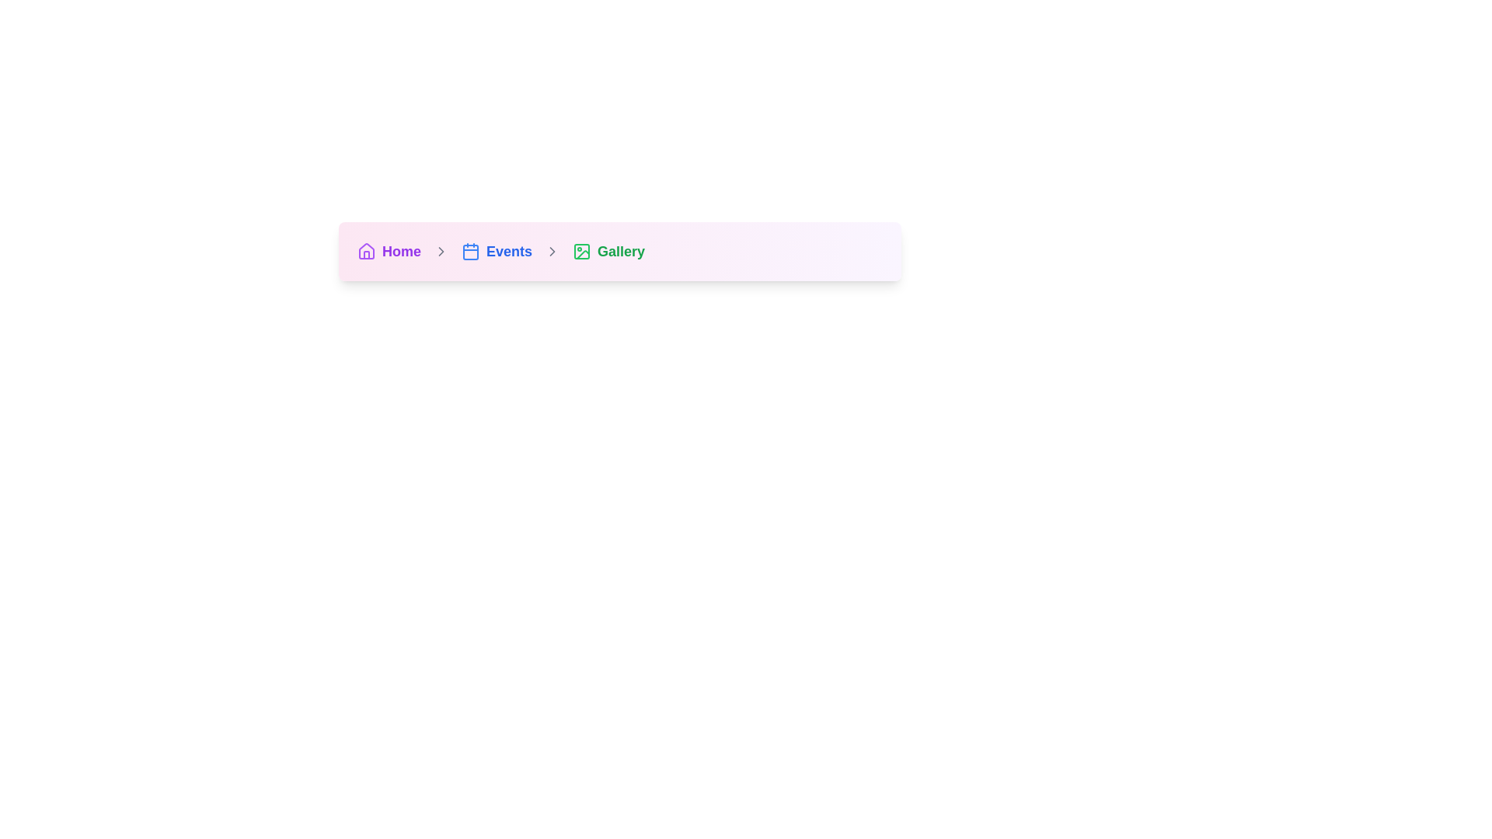  Describe the element at coordinates (365, 251) in the screenshot. I see `the house icon with a purple outline in the breadcrumb navigation at the top left corner of the web page` at that location.